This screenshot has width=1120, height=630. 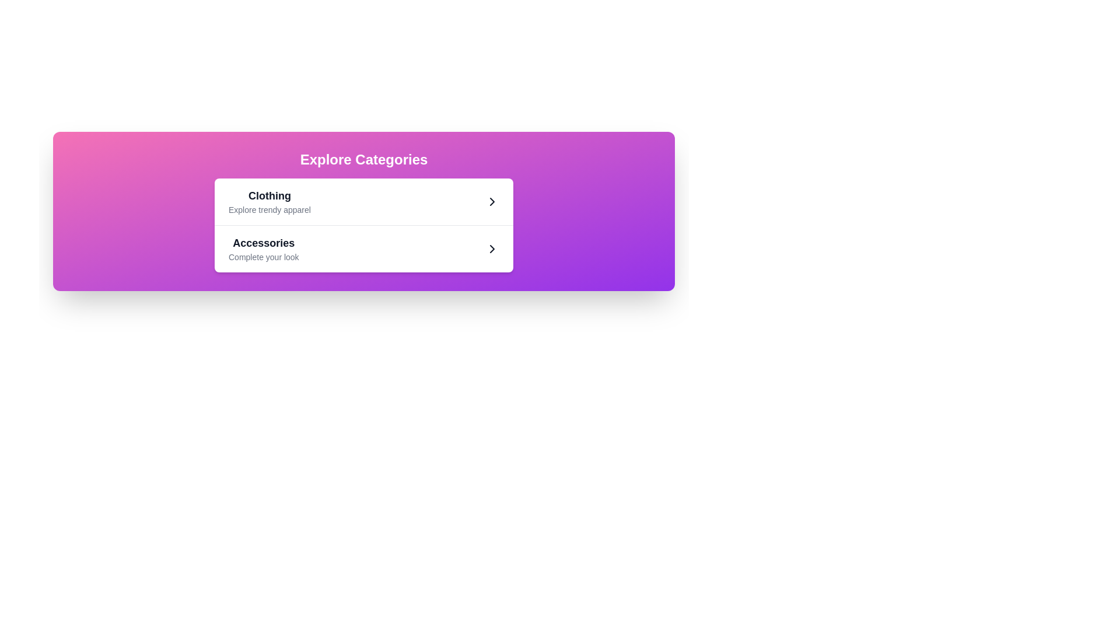 What do you see at coordinates (492, 201) in the screenshot?
I see `the status of the chevron icon located on the right end of the 'Clothing' list item, which is part of the navigation system` at bounding box center [492, 201].